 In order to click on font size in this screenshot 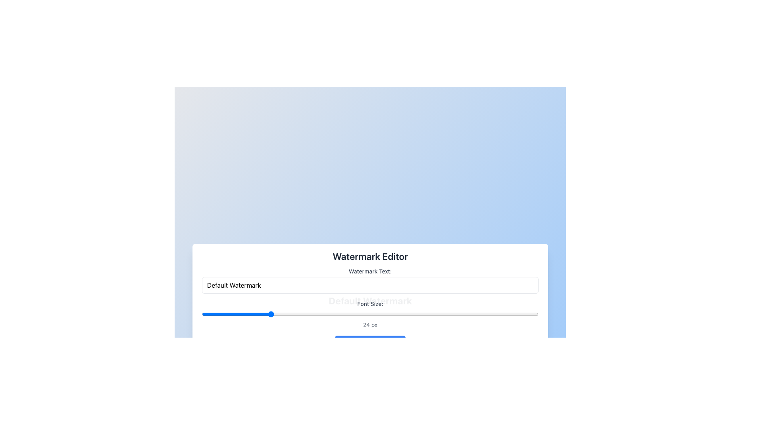, I will do `click(264, 314)`.